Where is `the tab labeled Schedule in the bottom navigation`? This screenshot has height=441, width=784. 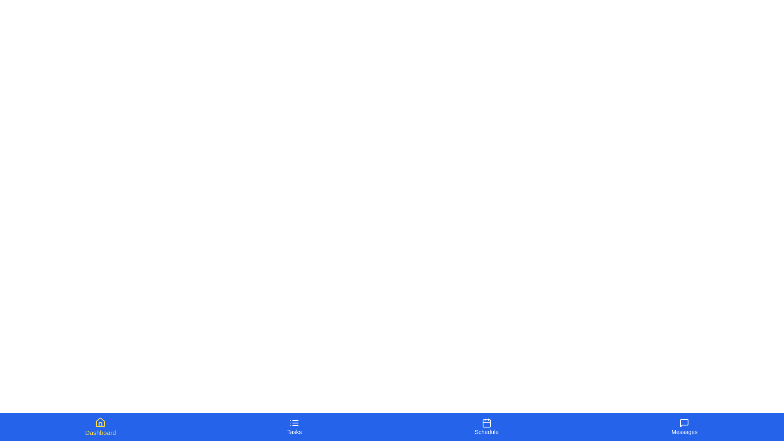
the tab labeled Schedule in the bottom navigation is located at coordinates (486, 426).